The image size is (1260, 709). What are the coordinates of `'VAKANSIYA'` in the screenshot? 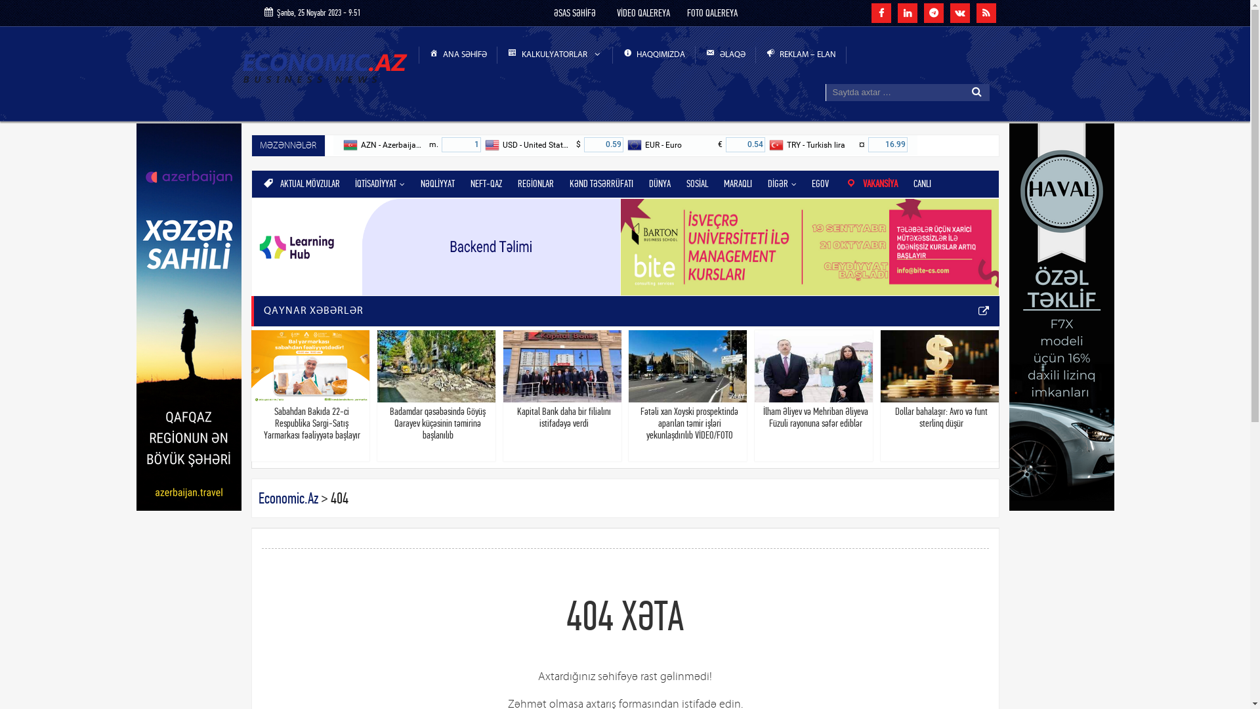 It's located at (871, 184).